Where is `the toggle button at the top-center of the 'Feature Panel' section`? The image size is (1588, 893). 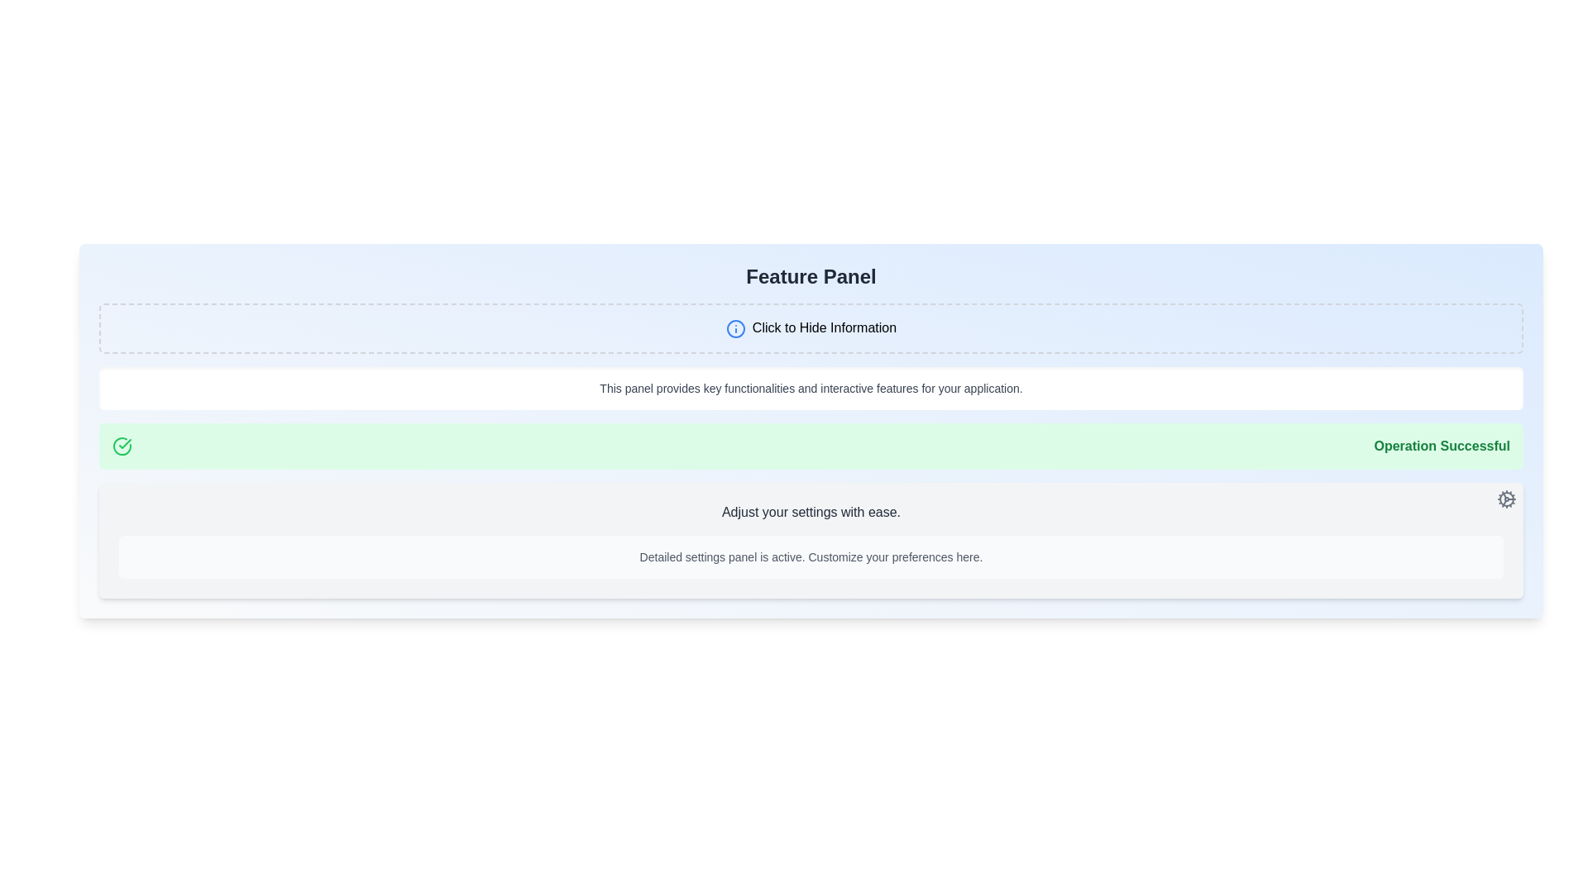 the toggle button at the top-center of the 'Feature Panel' section is located at coordinates (811, 328).